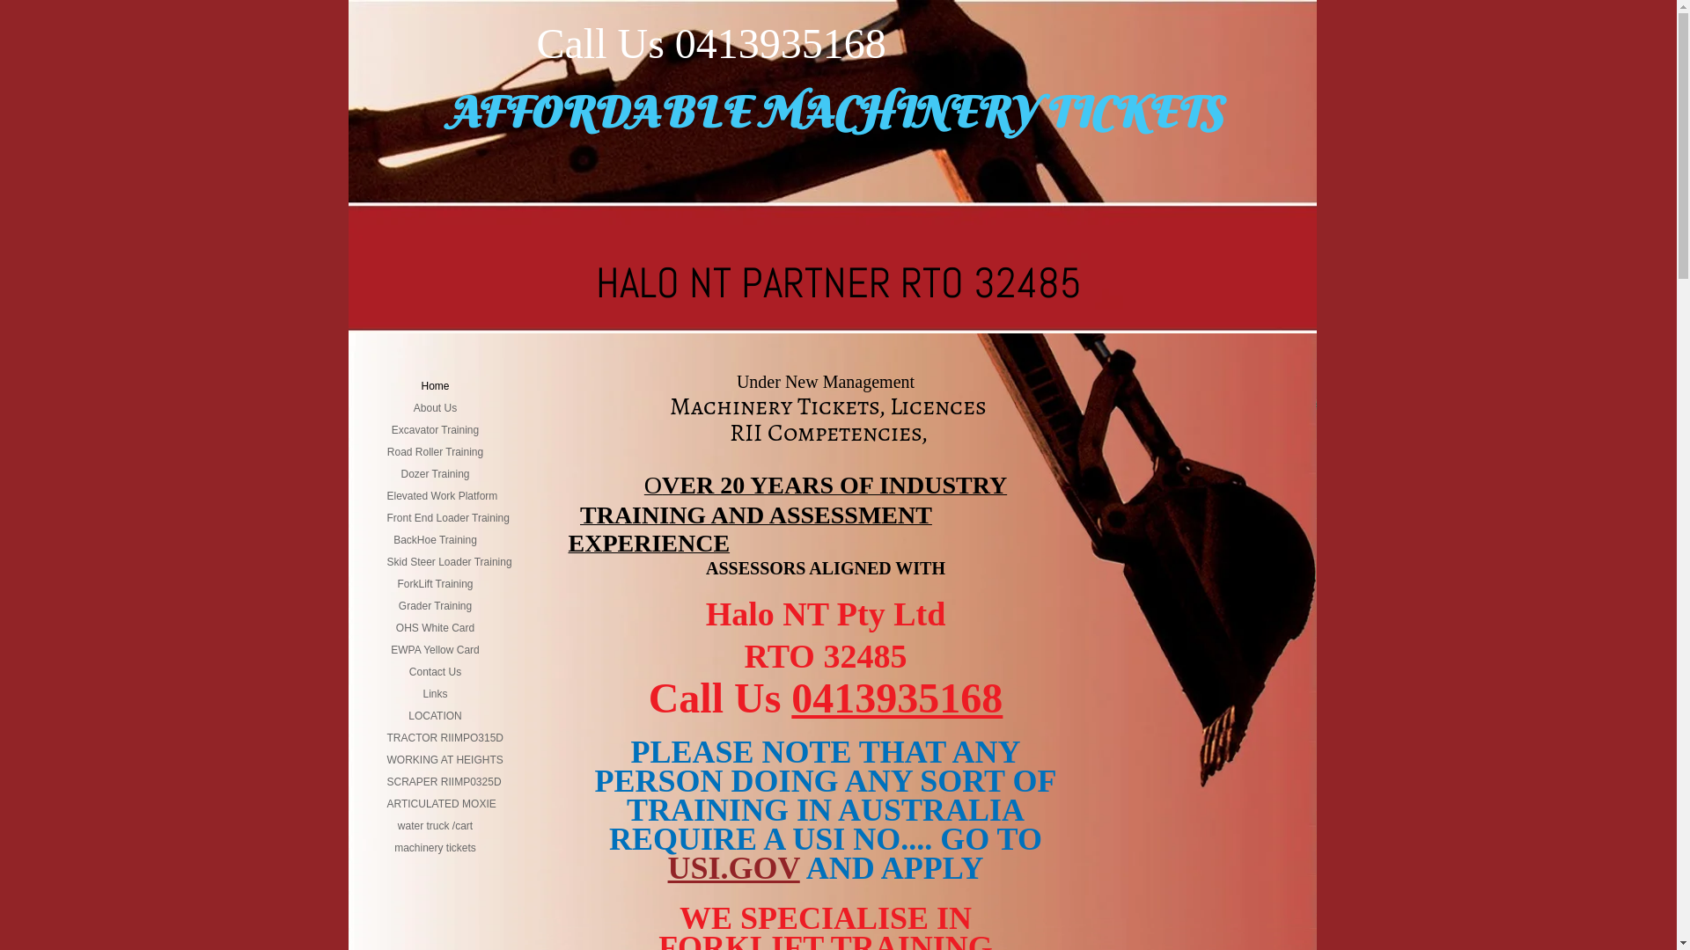 This screenshot has width=1690, height=950. Describe the element at coordinates (435, 847) in the screenshot. I see `'machinery tickets'` at that location.